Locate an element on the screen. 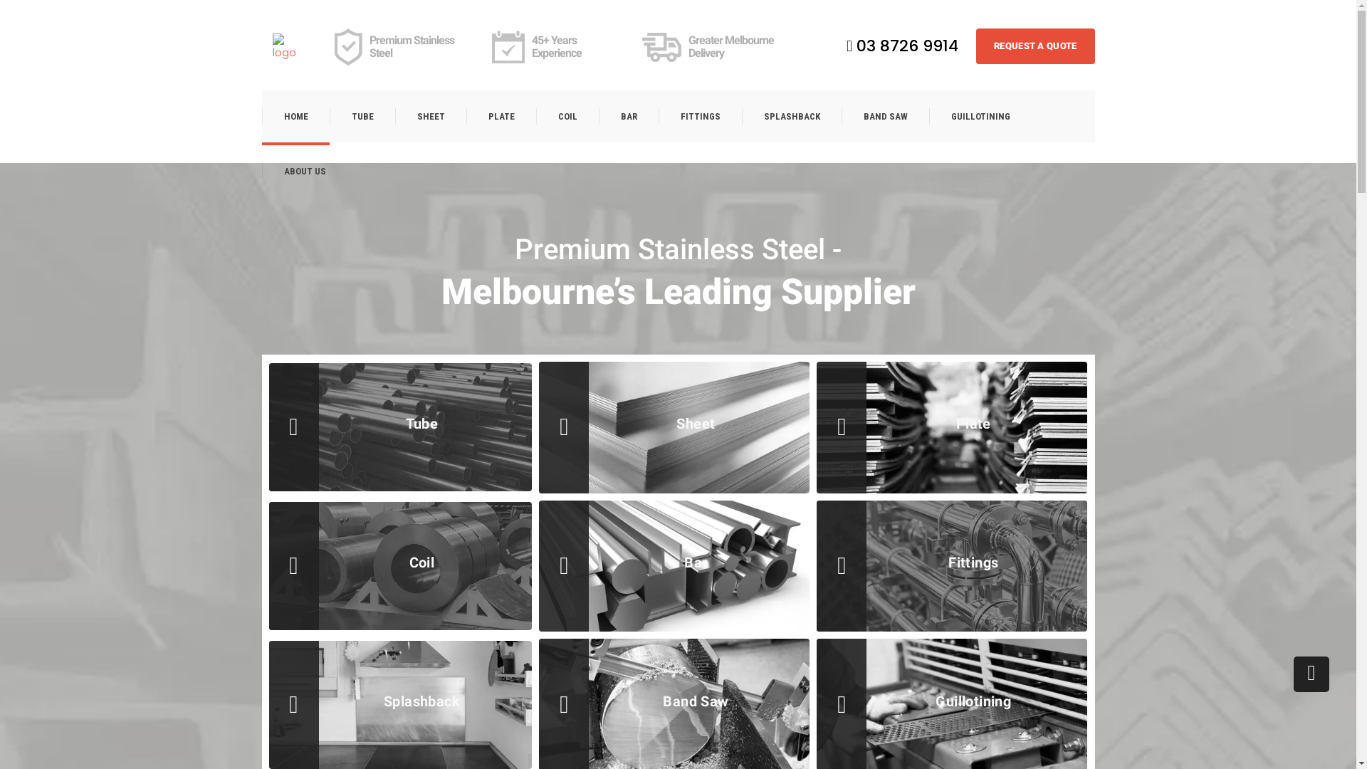 The width and height of the screenshot is (1367, 769). 'Splashback' is located at coordinates (421, 700).